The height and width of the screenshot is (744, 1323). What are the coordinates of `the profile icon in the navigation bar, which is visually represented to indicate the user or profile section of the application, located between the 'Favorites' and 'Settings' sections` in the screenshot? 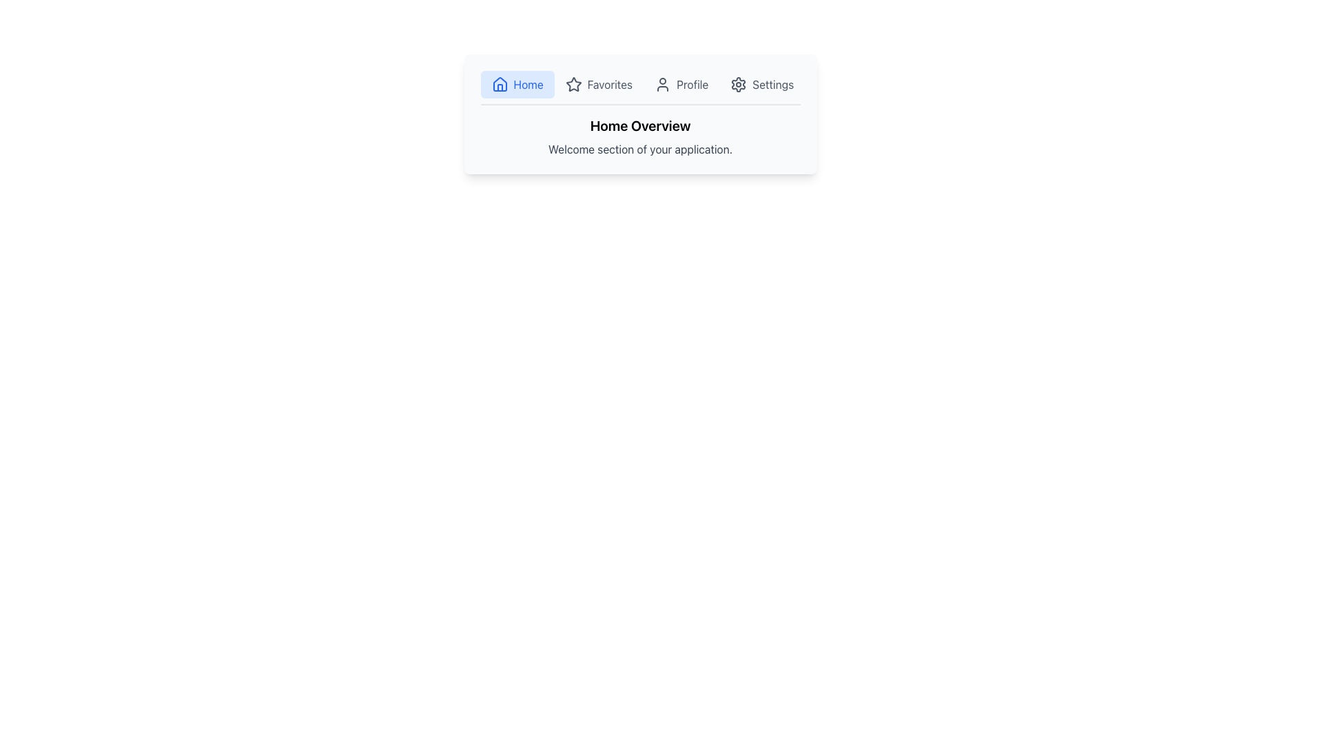 It's located at (663, 85).